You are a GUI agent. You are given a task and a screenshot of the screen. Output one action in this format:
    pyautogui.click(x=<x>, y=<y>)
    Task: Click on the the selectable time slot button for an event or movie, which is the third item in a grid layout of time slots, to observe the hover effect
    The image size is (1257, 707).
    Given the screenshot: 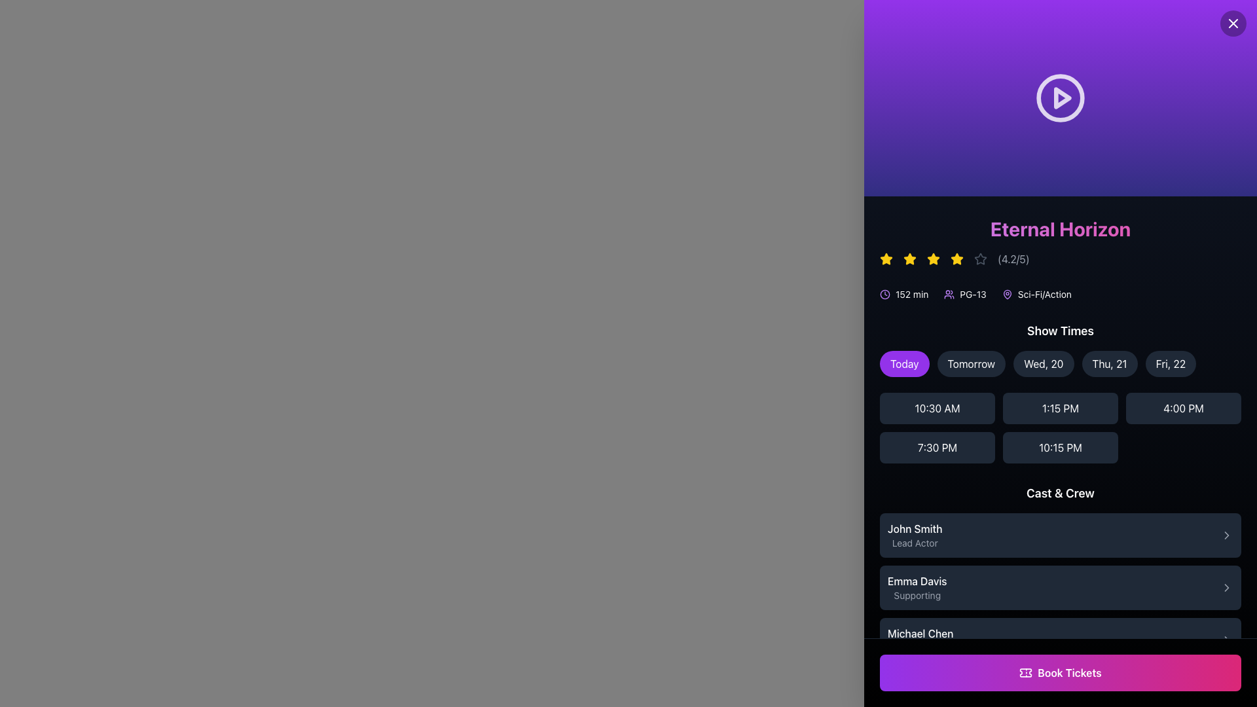 What is the action you would take?
    pyautogui.click(x=1184, y=408)
    